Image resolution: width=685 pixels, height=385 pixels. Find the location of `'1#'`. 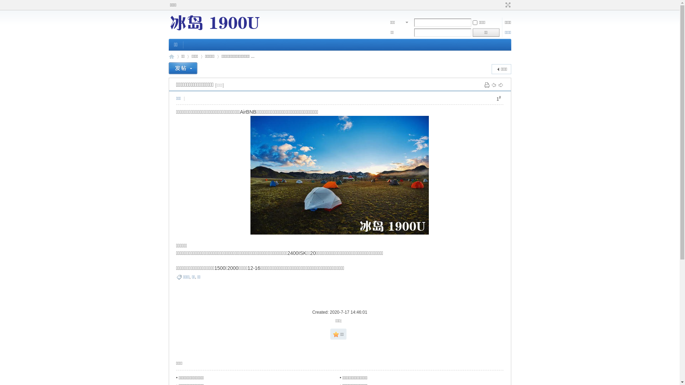

'1#' is located at coordinates (494, 98).